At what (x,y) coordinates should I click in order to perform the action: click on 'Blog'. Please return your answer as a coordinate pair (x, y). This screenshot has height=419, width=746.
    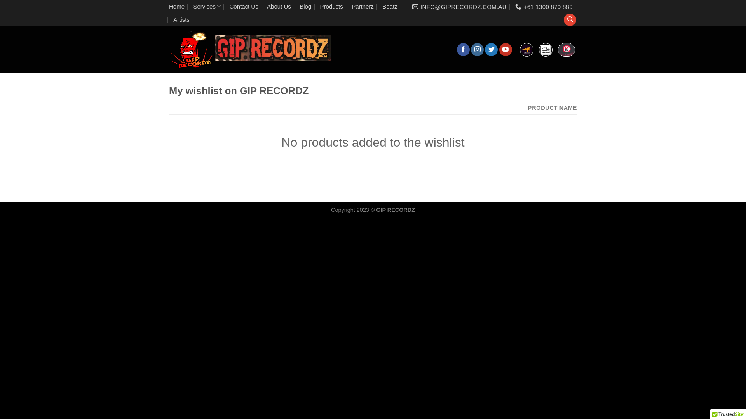
    Looking at the image, I should click on (305, 6).